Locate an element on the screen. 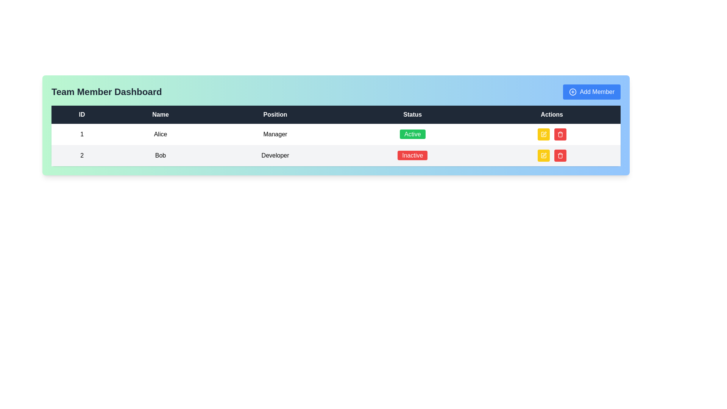 The image size is (727, 409). the trash icon button, which is a minimalist outline design of a trash bin with a lid, located under the 'Actions' column in the second row of the table, to the right of the yellow 'edit' button is located at coordinates (560, 155).